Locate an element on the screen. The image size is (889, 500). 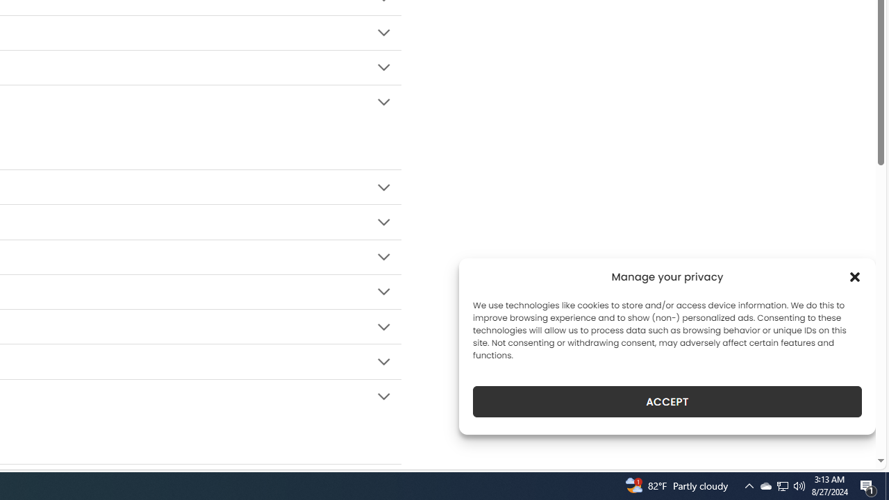
'ACCEPT' is located at coordinates (667, 401).